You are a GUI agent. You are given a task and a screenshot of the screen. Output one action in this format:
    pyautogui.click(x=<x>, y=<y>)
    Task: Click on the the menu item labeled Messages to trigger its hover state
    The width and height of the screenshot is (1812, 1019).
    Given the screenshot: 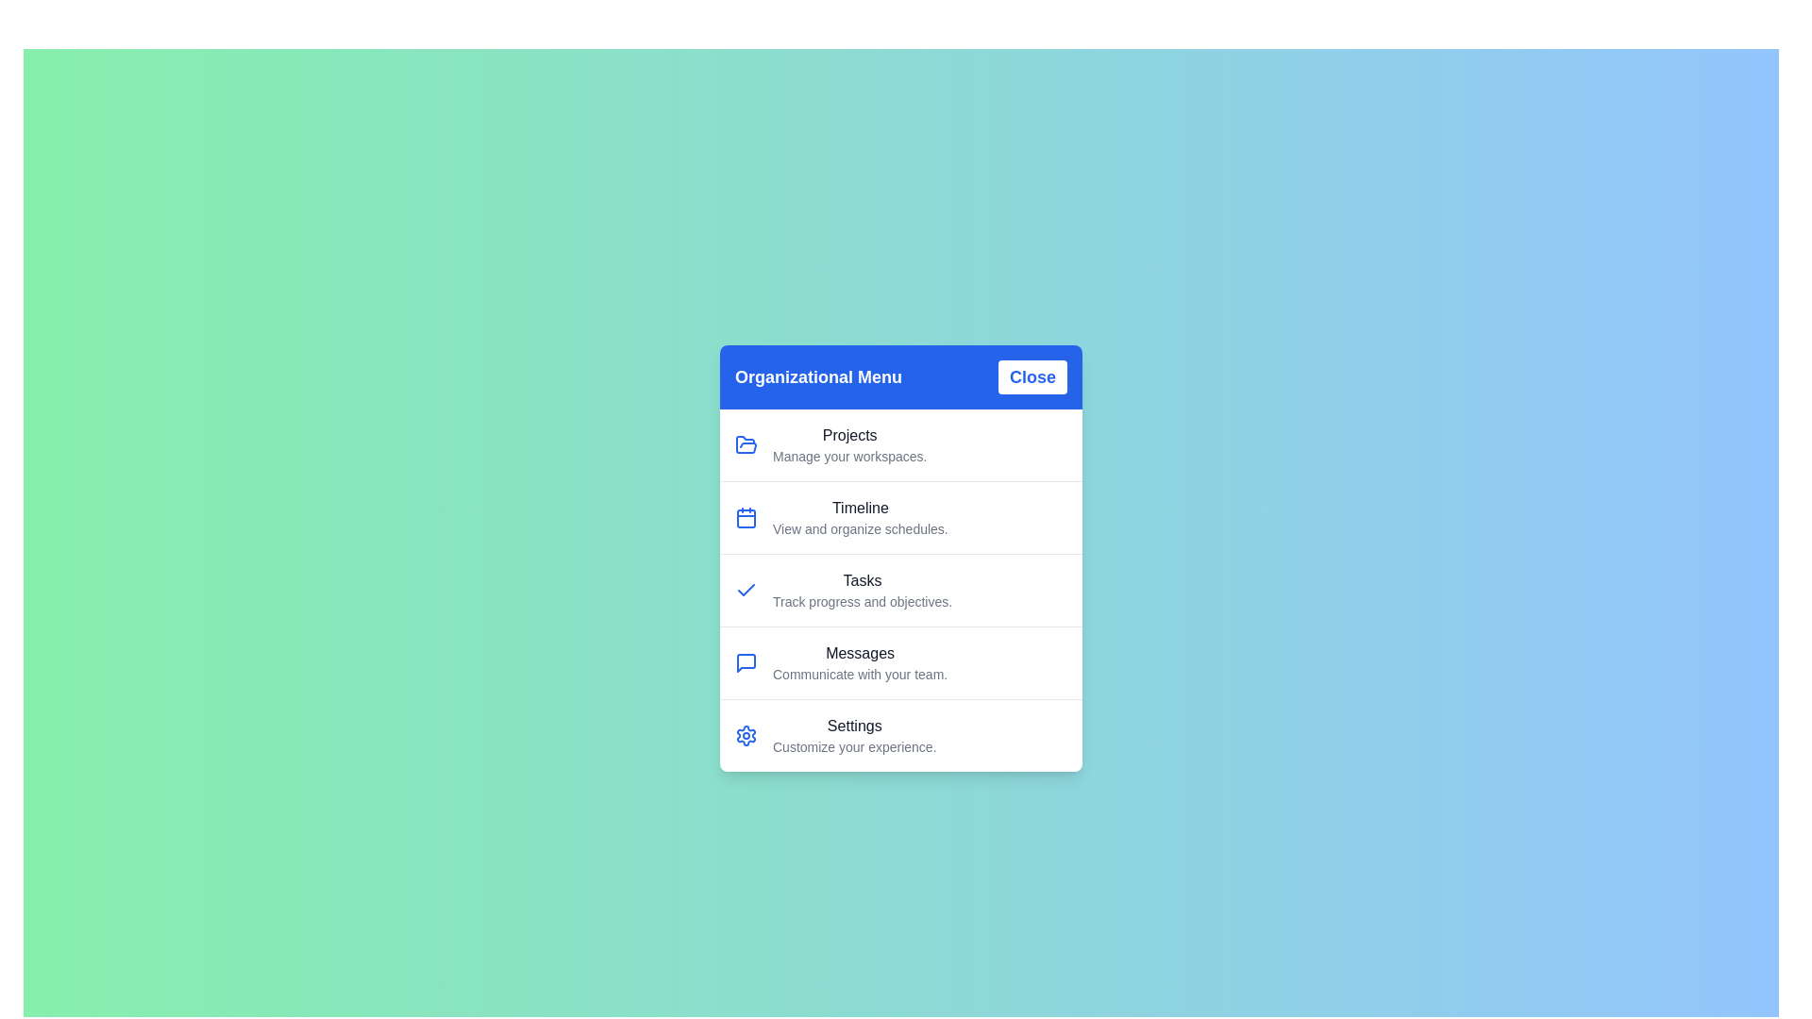 What is the action you would take?
    pyautogui.click(x=900, y=661)
    